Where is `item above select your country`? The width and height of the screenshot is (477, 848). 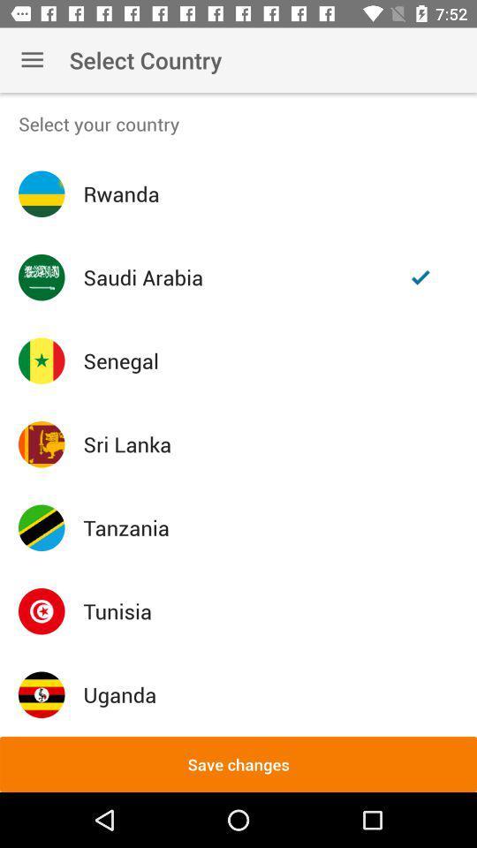 item above select your country is located at coordinates (32, 60).